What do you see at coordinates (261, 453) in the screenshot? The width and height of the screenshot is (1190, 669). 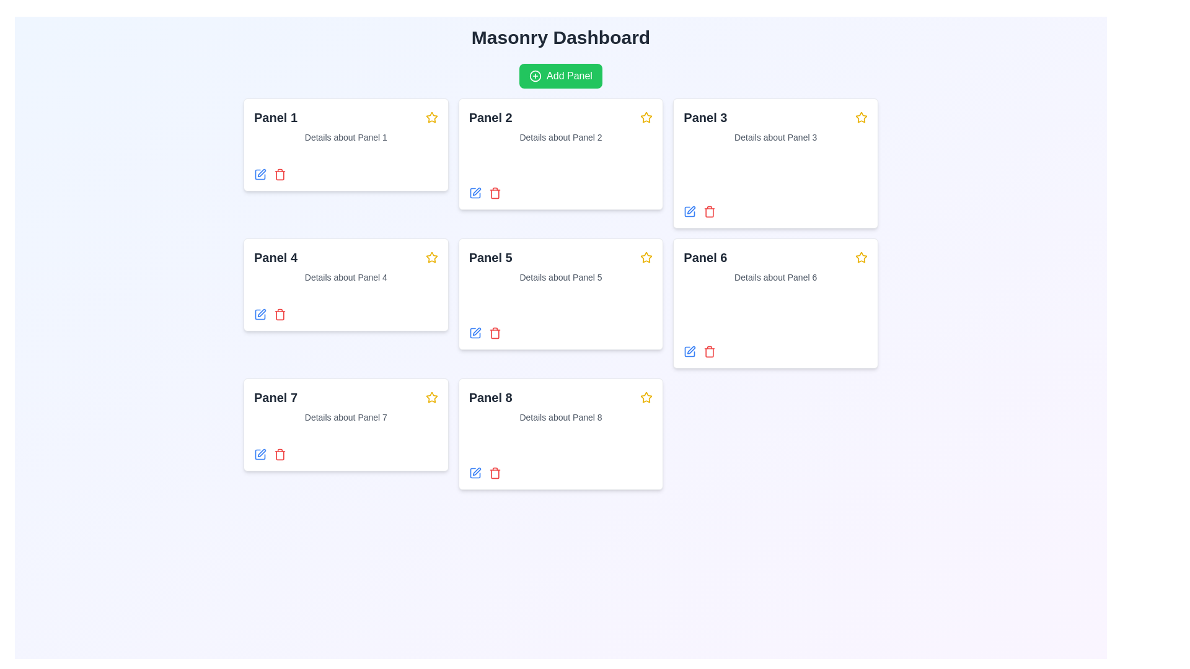 I see `the second icon (pen symbol) located under the 'Panel 7' card in the fourth row, first column of the grid layout` at bounding box center [261, 453].